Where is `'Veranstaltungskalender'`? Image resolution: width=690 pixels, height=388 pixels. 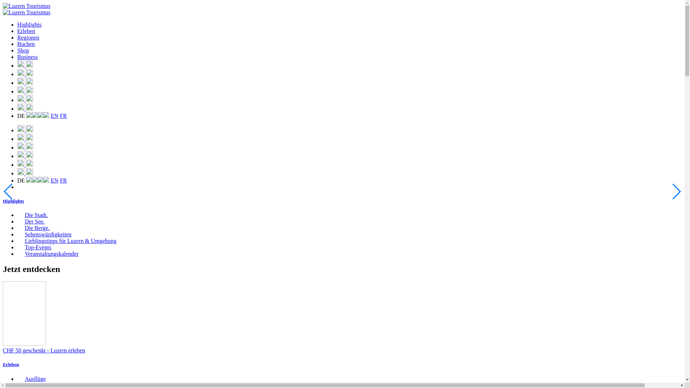
'Veranstaltungskalender' is located at coordinates (47, 253).